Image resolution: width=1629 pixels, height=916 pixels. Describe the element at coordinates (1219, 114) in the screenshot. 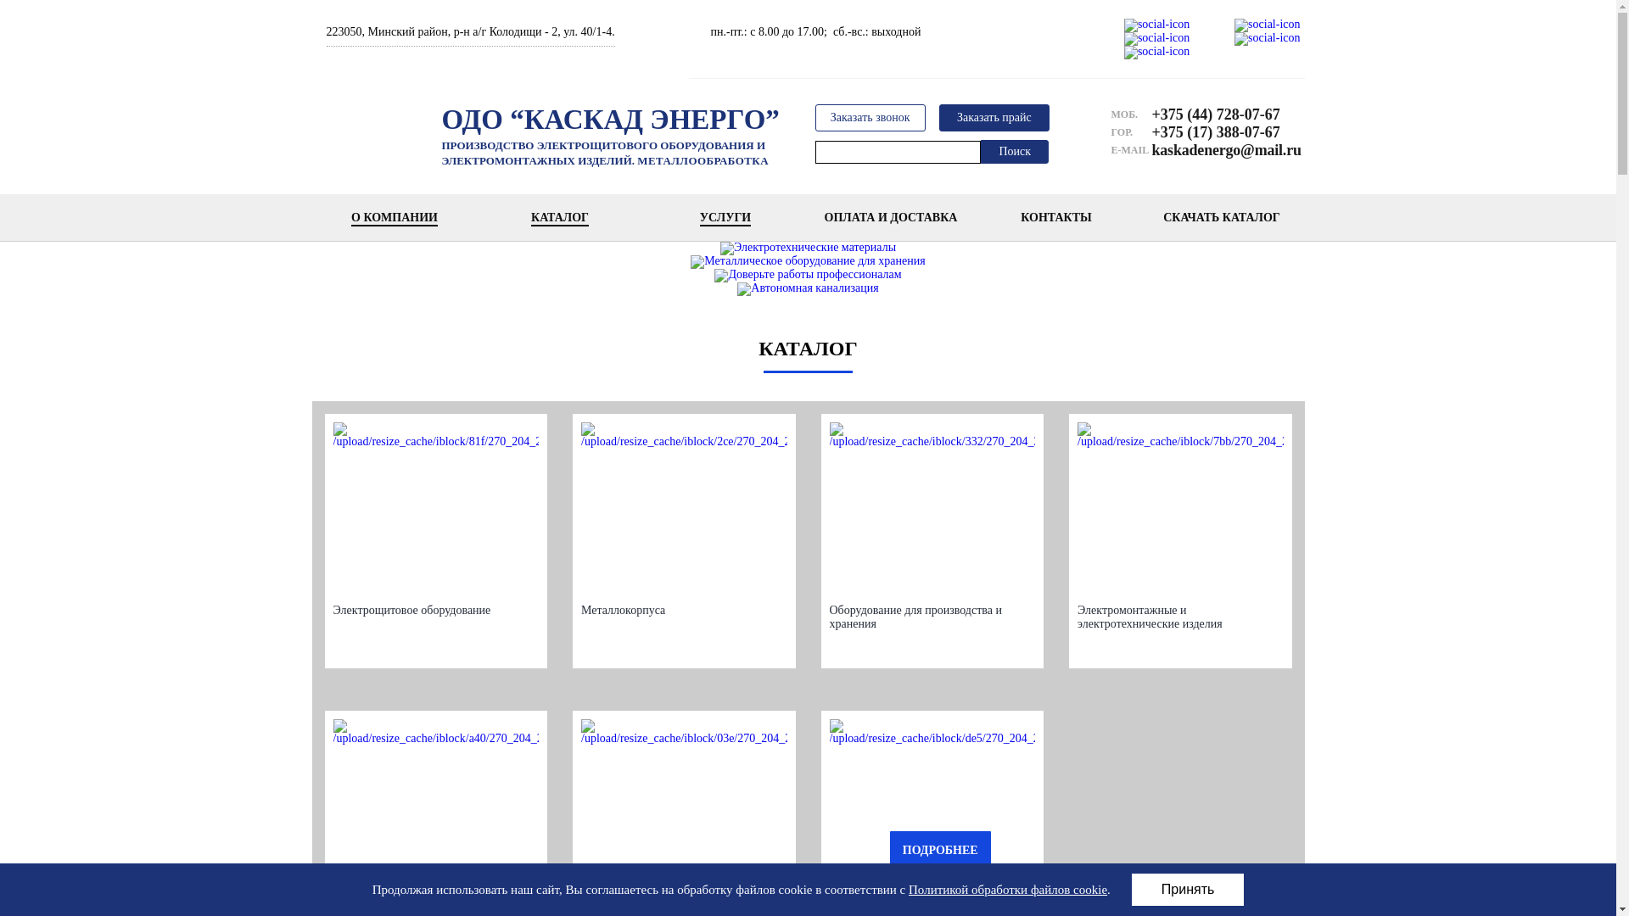

I see `'+375 (44) 728-07-67'` at that location.